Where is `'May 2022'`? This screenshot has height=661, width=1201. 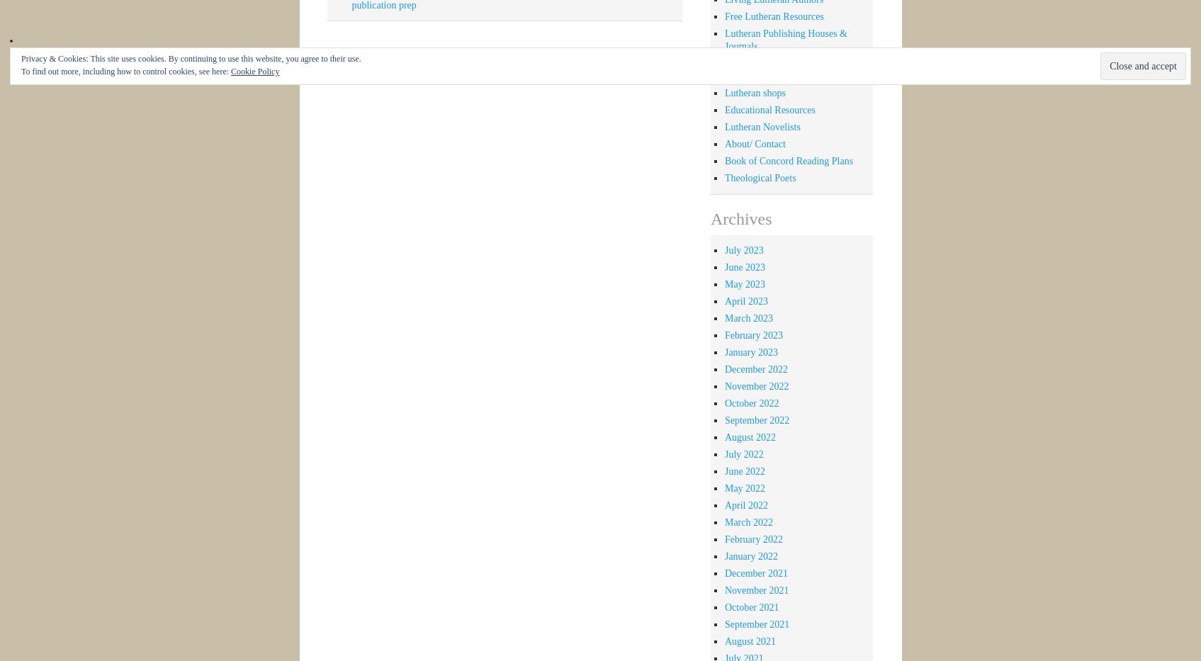
'May 2022' is located at coordinates (745, 487).